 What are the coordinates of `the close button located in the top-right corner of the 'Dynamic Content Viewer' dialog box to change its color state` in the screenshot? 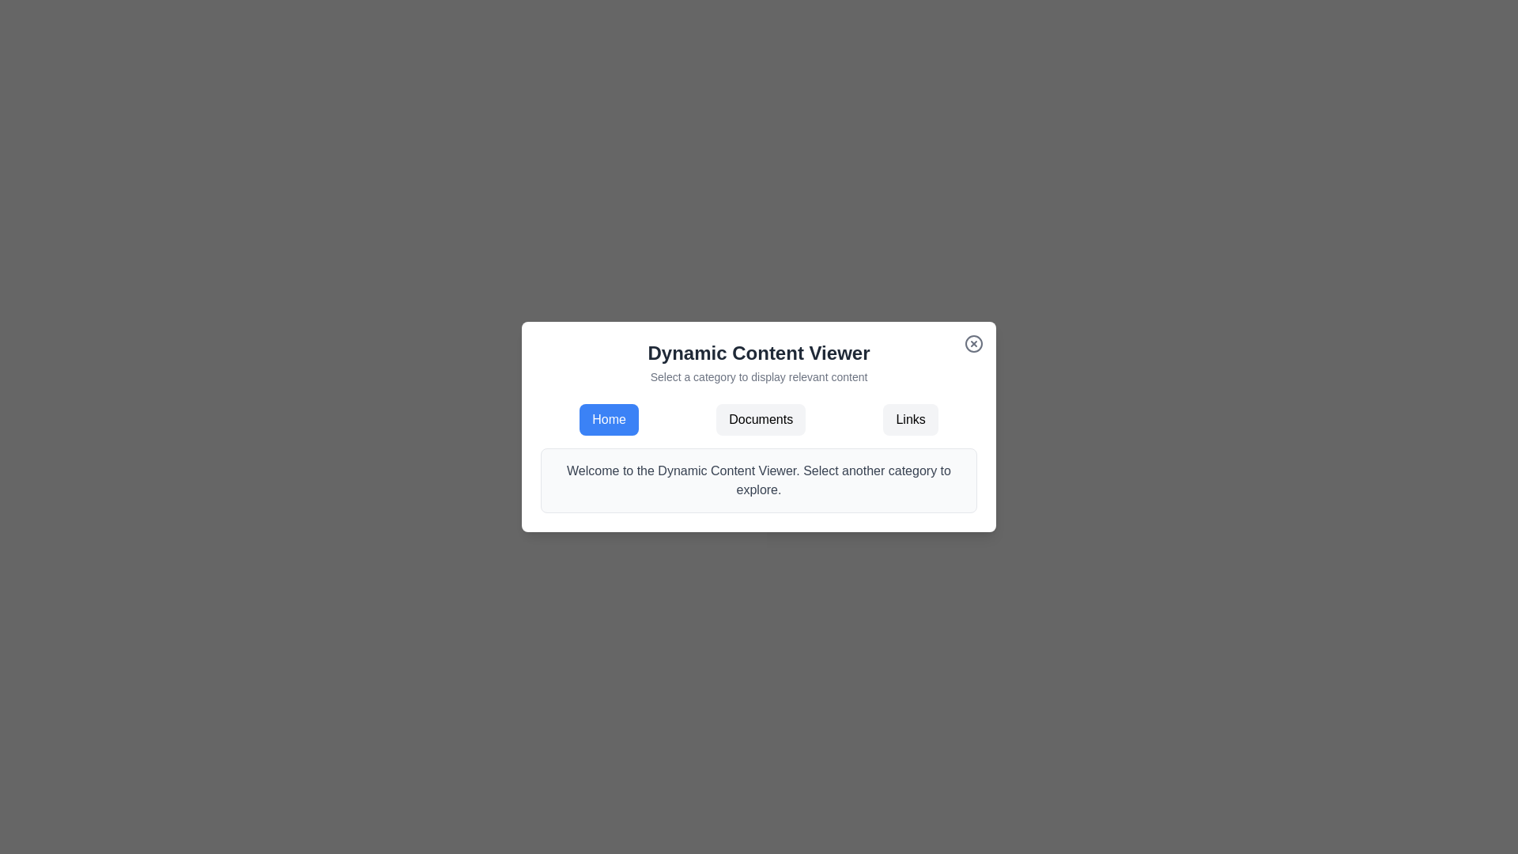 It's located at (973, 343).